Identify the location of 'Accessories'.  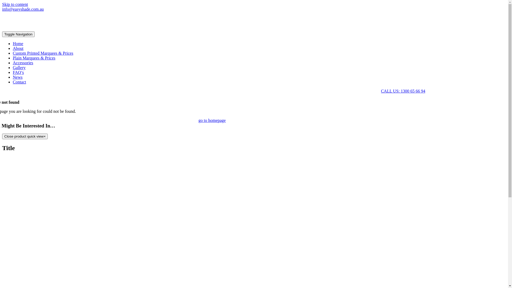
(13, 62).